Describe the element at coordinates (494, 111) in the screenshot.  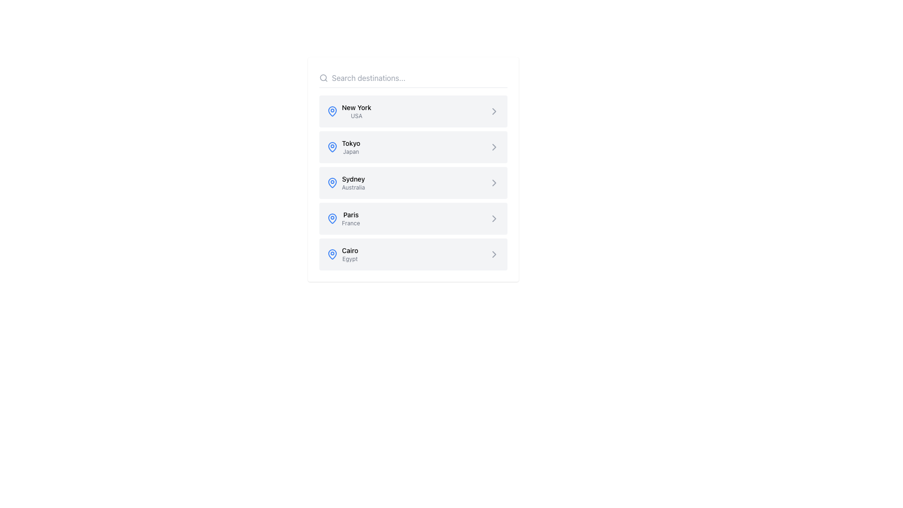
I see `the small gray chevron icon pointing right located to the center-right of the 'New York, USA' item in the list of destinations` at that location.